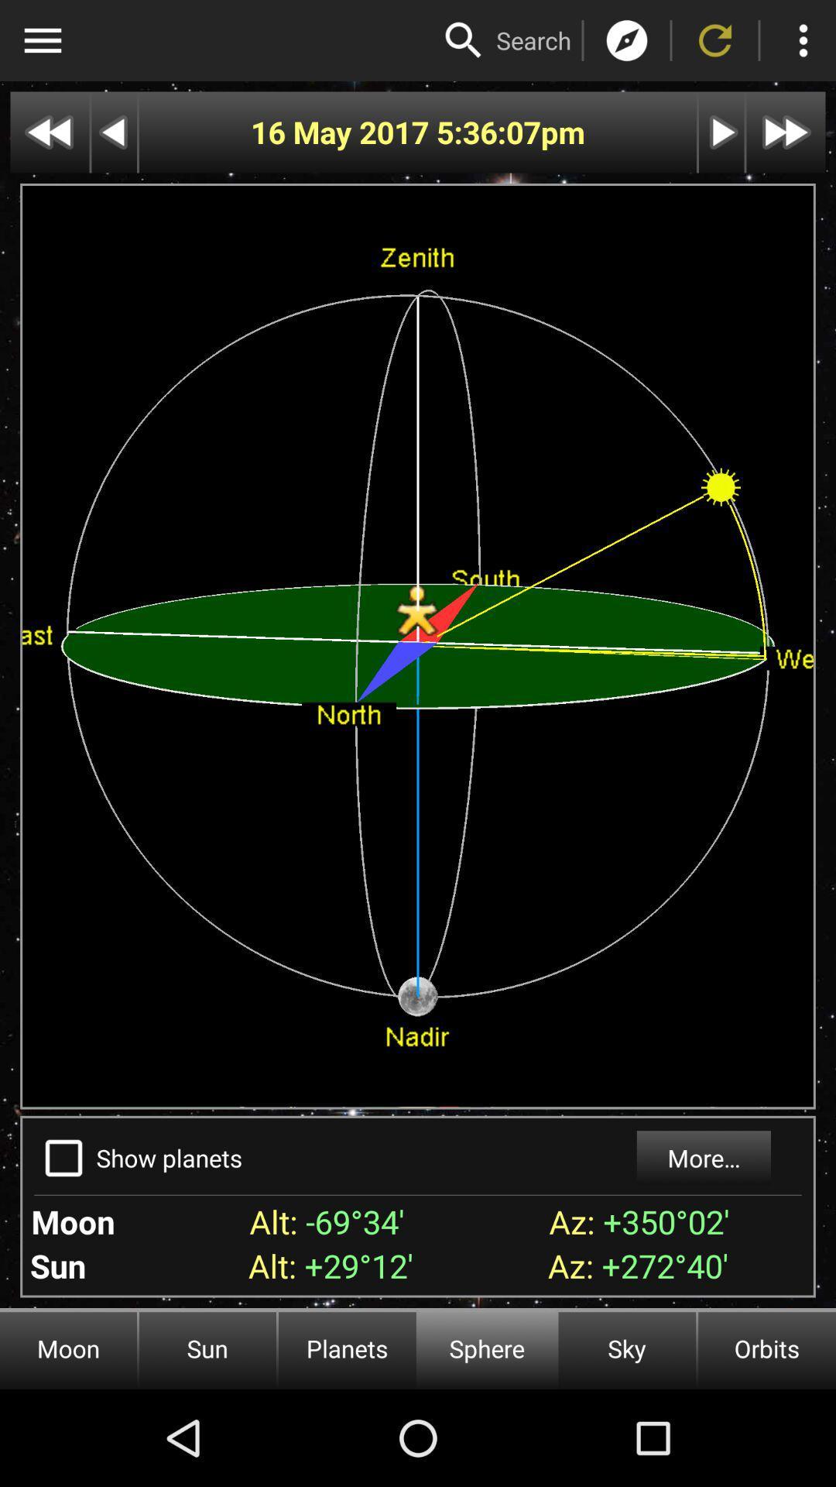 The width and height of the screenshot is (836, 1487). I want to click on the menu icon, so click(42, 40).